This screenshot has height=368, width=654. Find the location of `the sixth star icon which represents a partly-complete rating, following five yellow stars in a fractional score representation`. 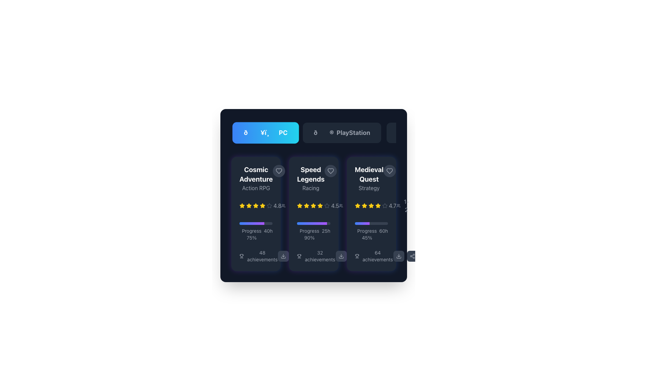

the sixth star icon which represents a partly-complete rating, following five yellow stars in a fractional score representation is located at coordinates (385, 205).